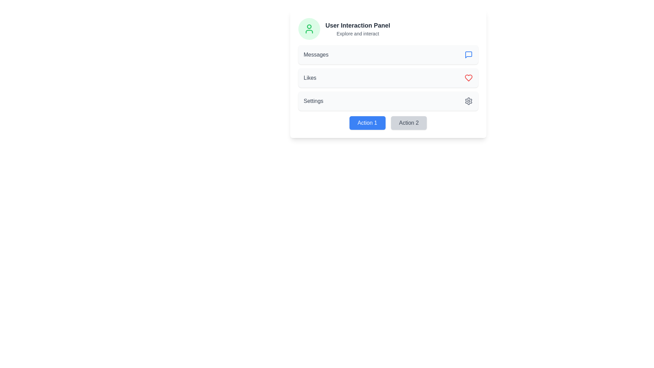  I want to click on the 'Action 2' button located at the bottom right of the 'User Interaction Panel', so click(409, 123).